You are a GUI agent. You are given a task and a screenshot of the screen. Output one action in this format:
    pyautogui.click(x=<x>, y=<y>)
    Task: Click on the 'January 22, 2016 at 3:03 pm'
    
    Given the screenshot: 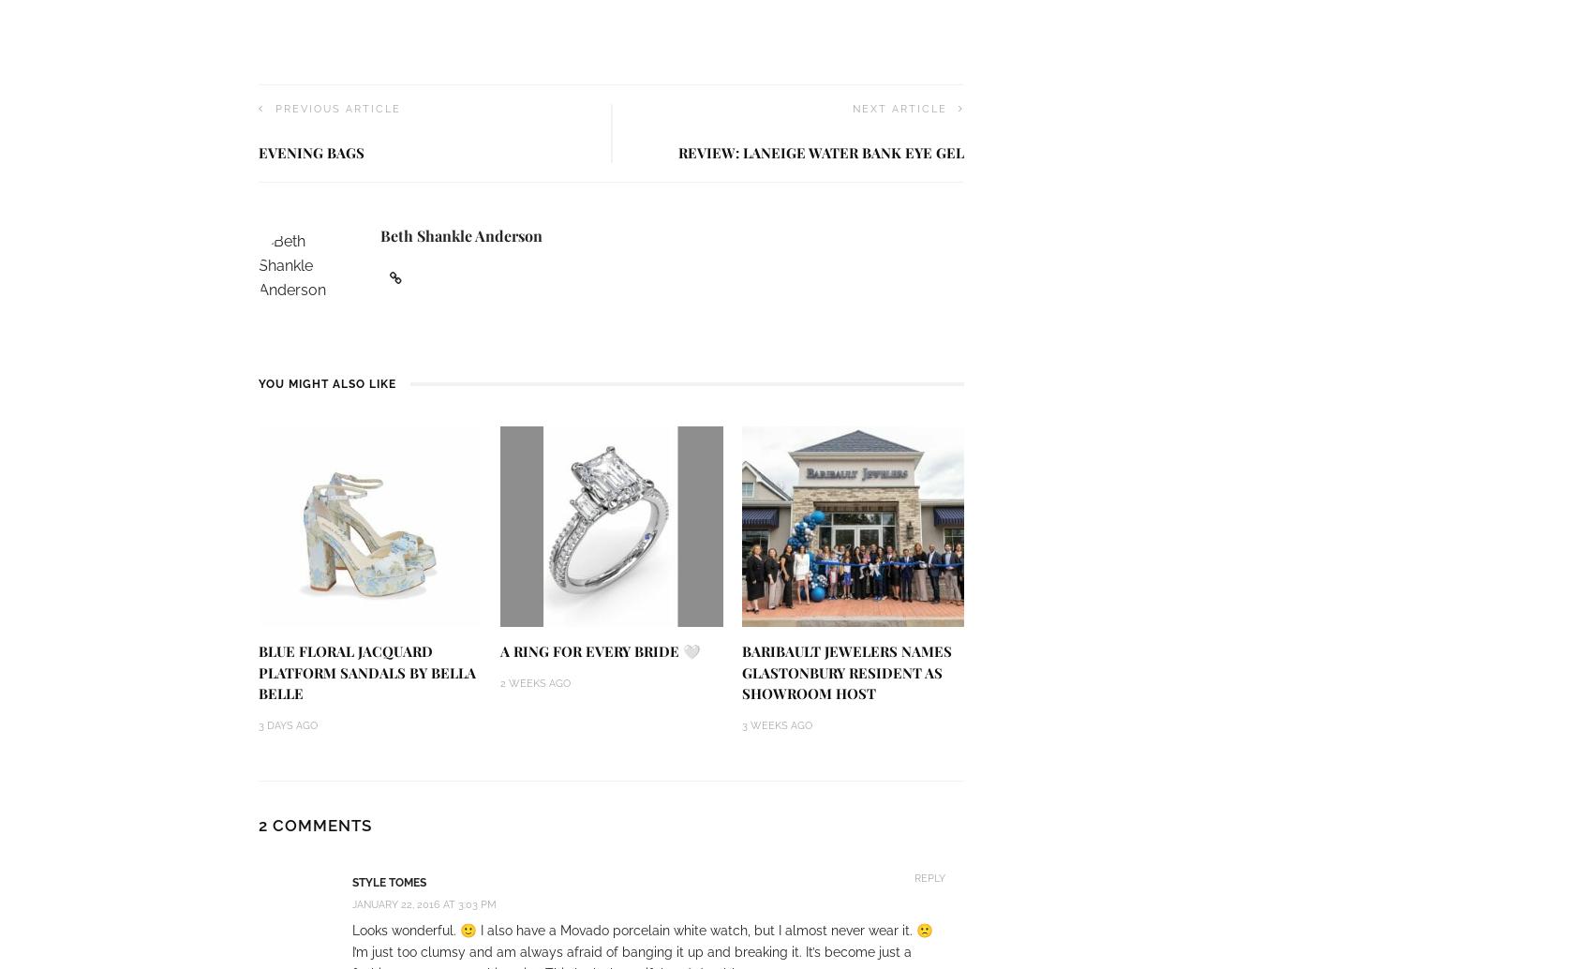 What is the action you would take?
    pyautogui.click(x=424, y=903)
    